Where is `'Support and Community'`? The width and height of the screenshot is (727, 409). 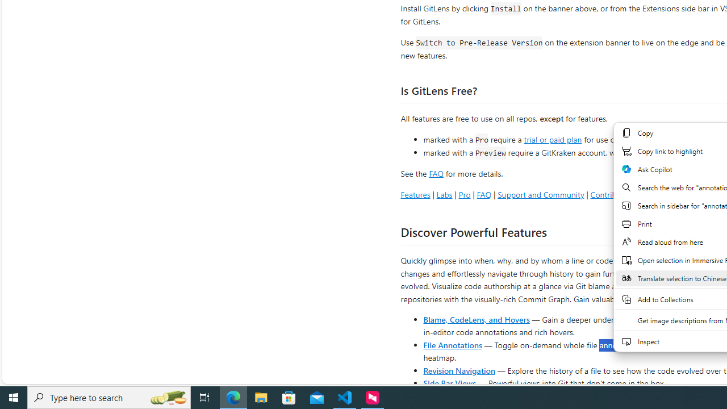 'Support and Community' is located at coordinates (540, 194).